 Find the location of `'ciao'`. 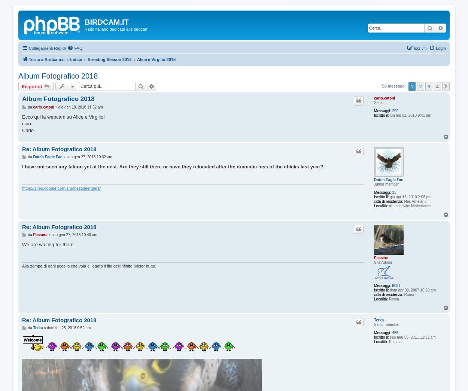

'ciao' is located at coordinates (22, 123).